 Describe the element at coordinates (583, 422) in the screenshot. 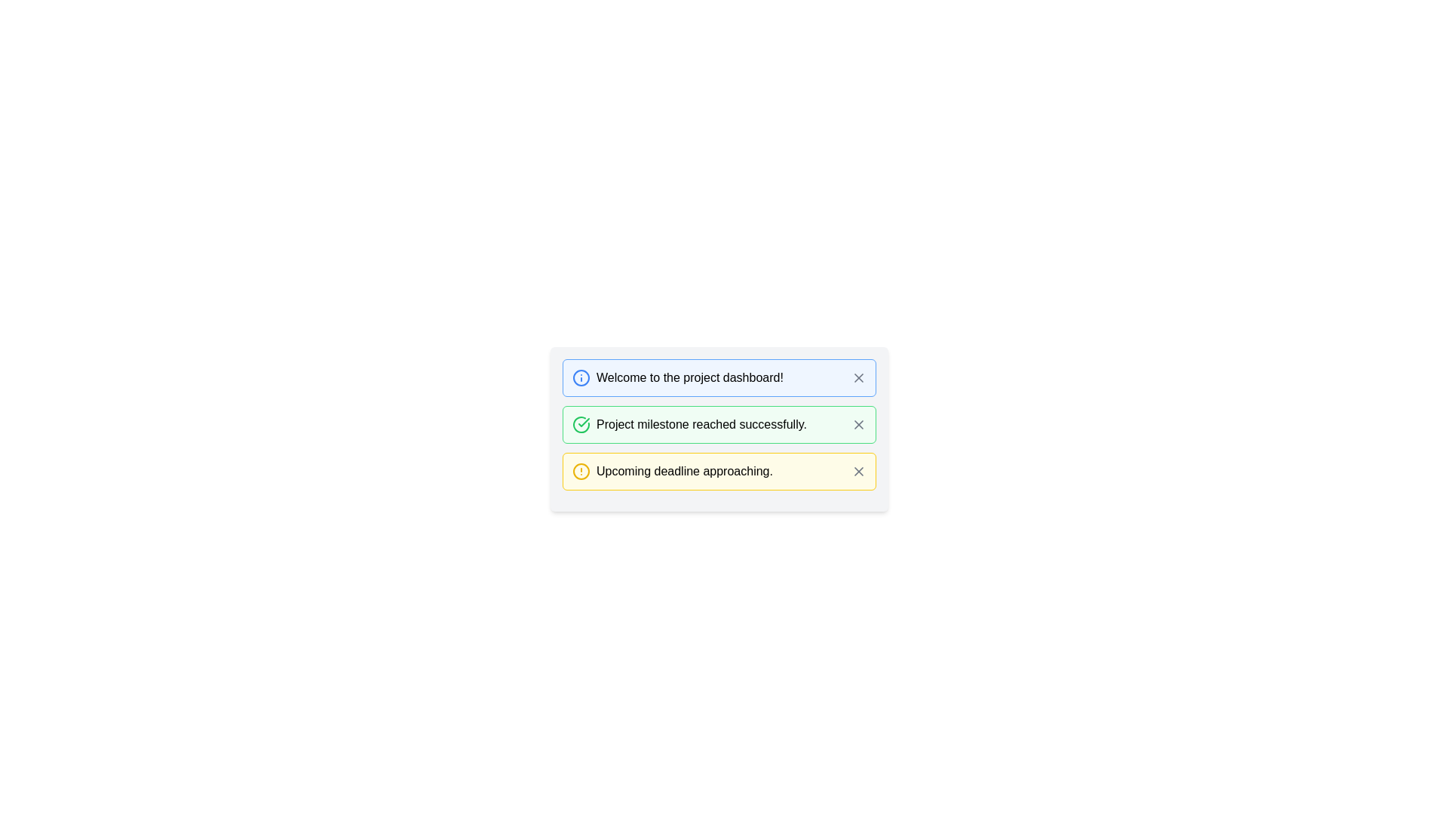

I see `the visual indicator icon located in the second notification card from the top, next to the text 'Project milestone reached successfully.'` at that location.